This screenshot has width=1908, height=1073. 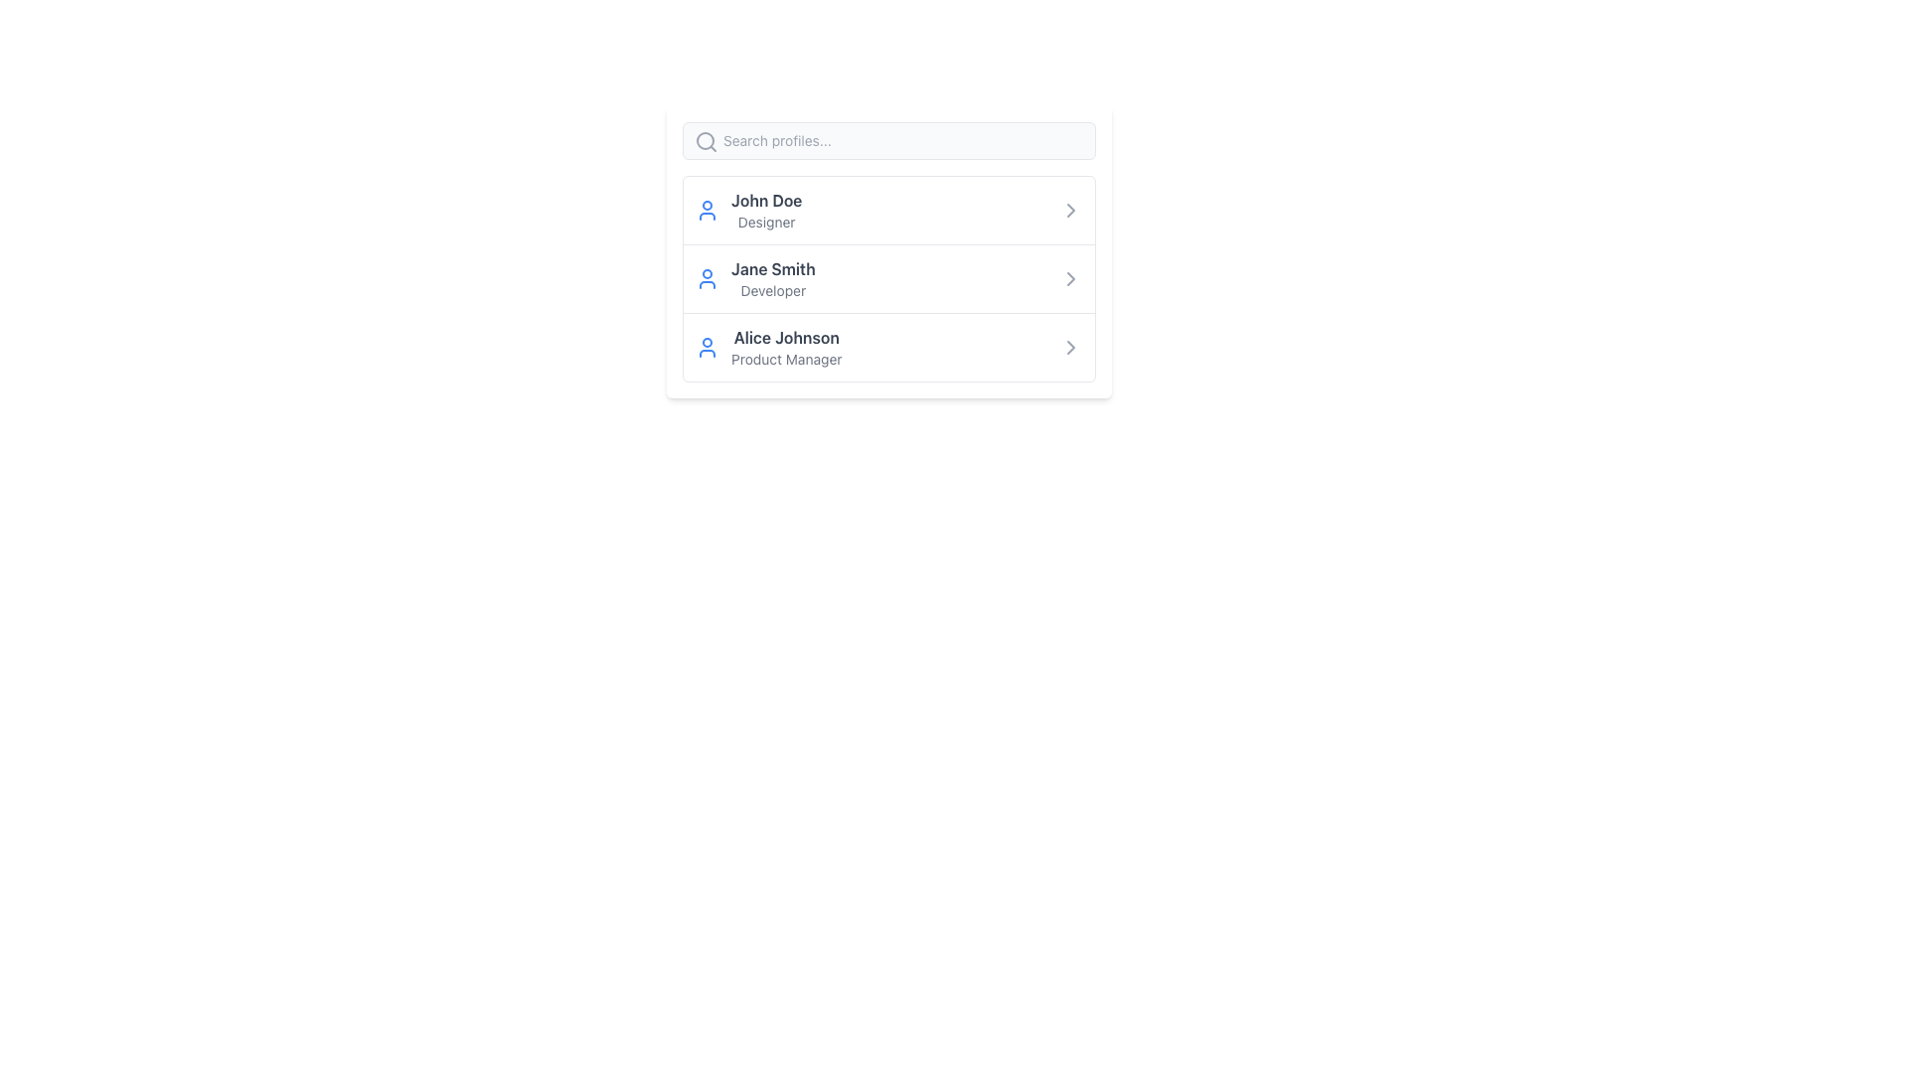 I want to click on the second row in the list representing the user 'Jane Smith', so click(x=887, y=278).